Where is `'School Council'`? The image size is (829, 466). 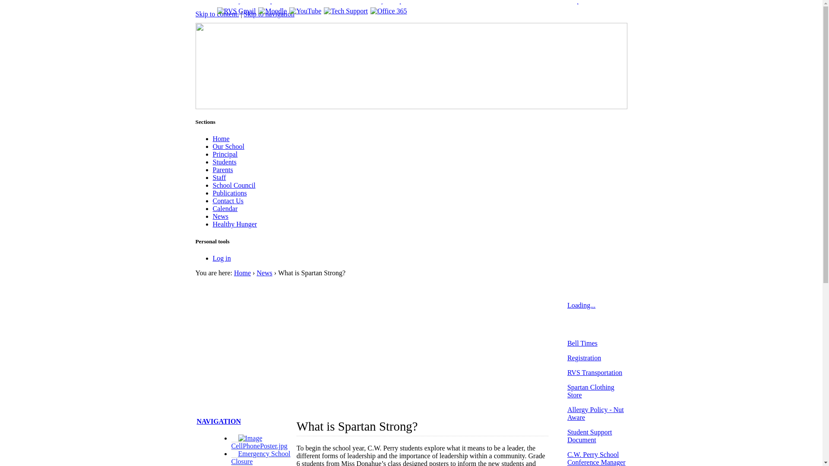
'School Council' is located at coordinates (234, 185).